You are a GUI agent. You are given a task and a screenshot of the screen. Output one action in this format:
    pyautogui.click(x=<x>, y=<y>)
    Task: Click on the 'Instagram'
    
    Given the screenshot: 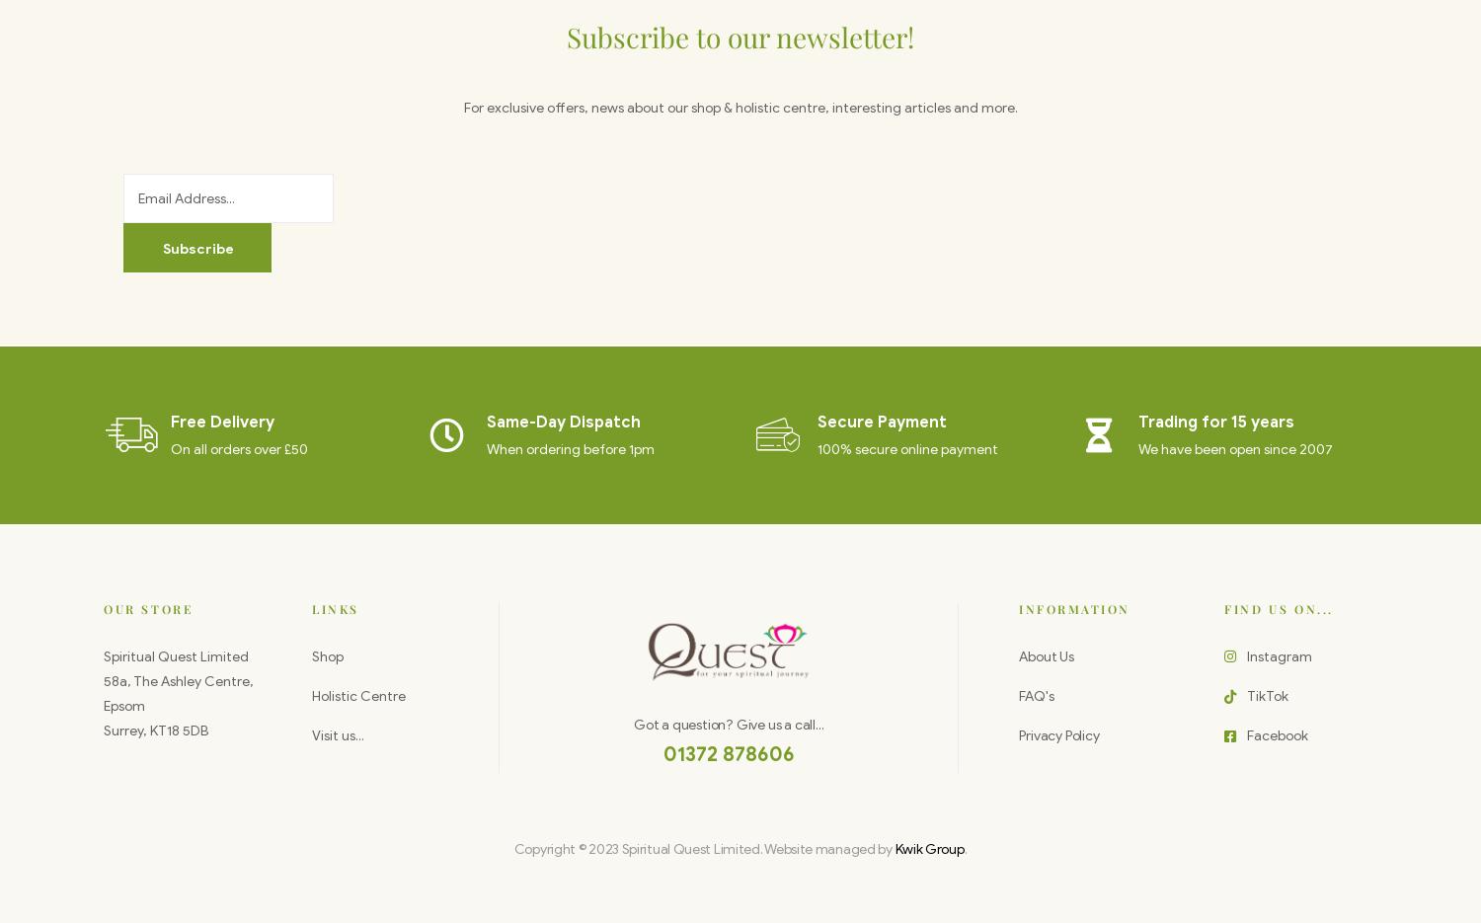 What is the action you would take?
    pyautogui.click(x=1278, y=655)
    